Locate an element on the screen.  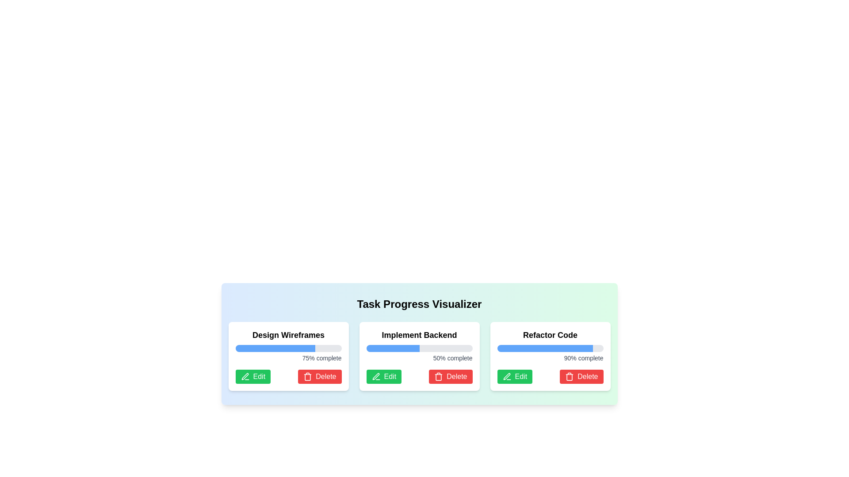
the horizontal progress bar located within the 'Refactor Code' card, which displays a filled blue section and is visually positioned above the '90% complete' text is located at coordinates (550, 348).